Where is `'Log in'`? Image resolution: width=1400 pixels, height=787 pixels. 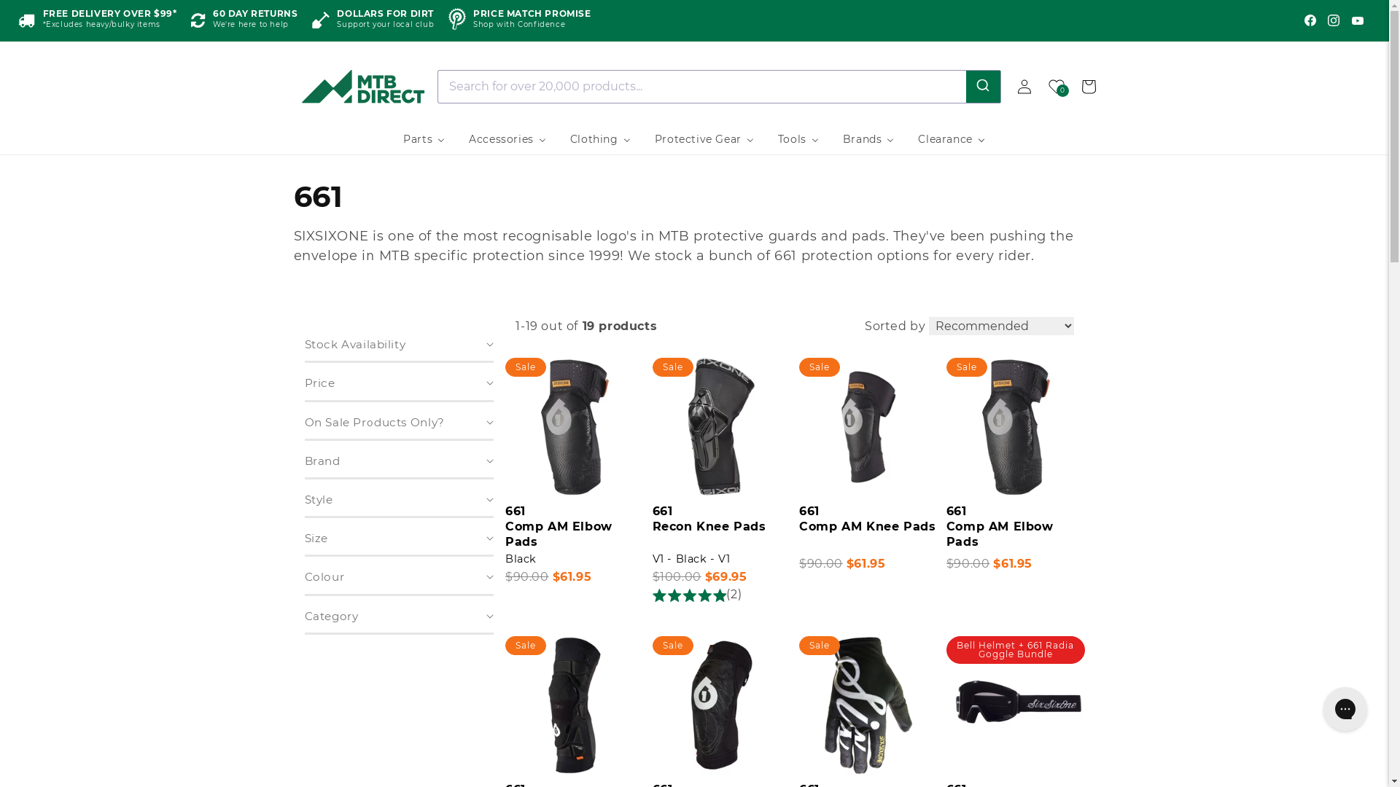 'Log in' is located at coordinates (1022, 86).